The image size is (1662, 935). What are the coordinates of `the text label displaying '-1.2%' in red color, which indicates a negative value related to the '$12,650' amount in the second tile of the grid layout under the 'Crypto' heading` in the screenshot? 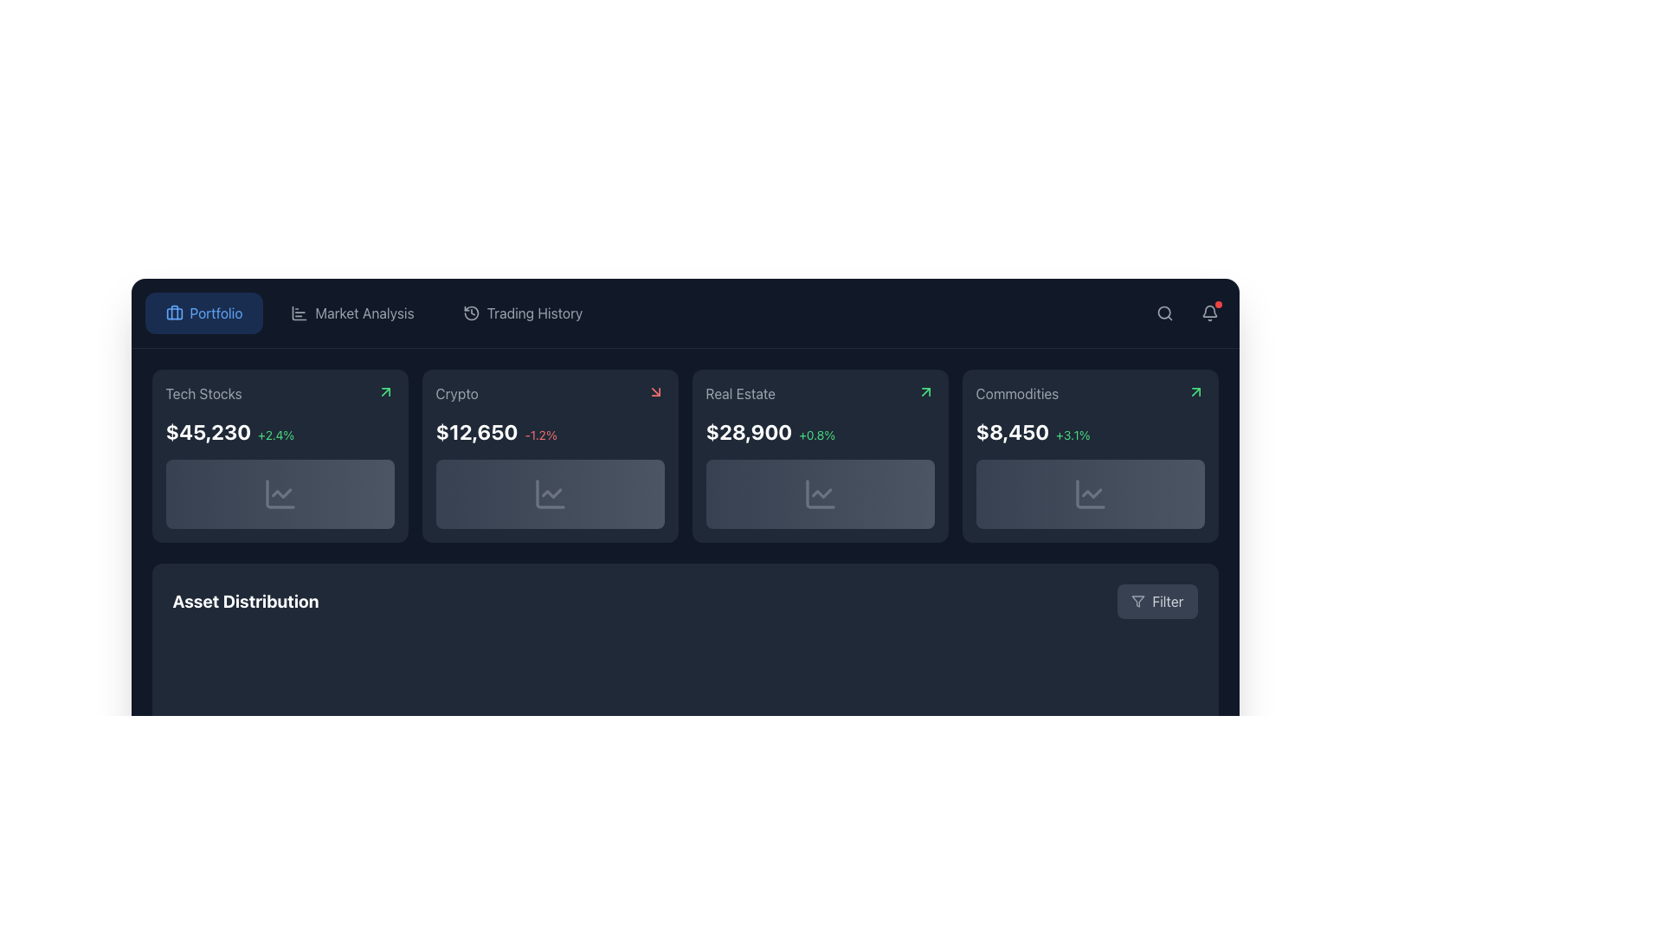 It's located at (540, 434).